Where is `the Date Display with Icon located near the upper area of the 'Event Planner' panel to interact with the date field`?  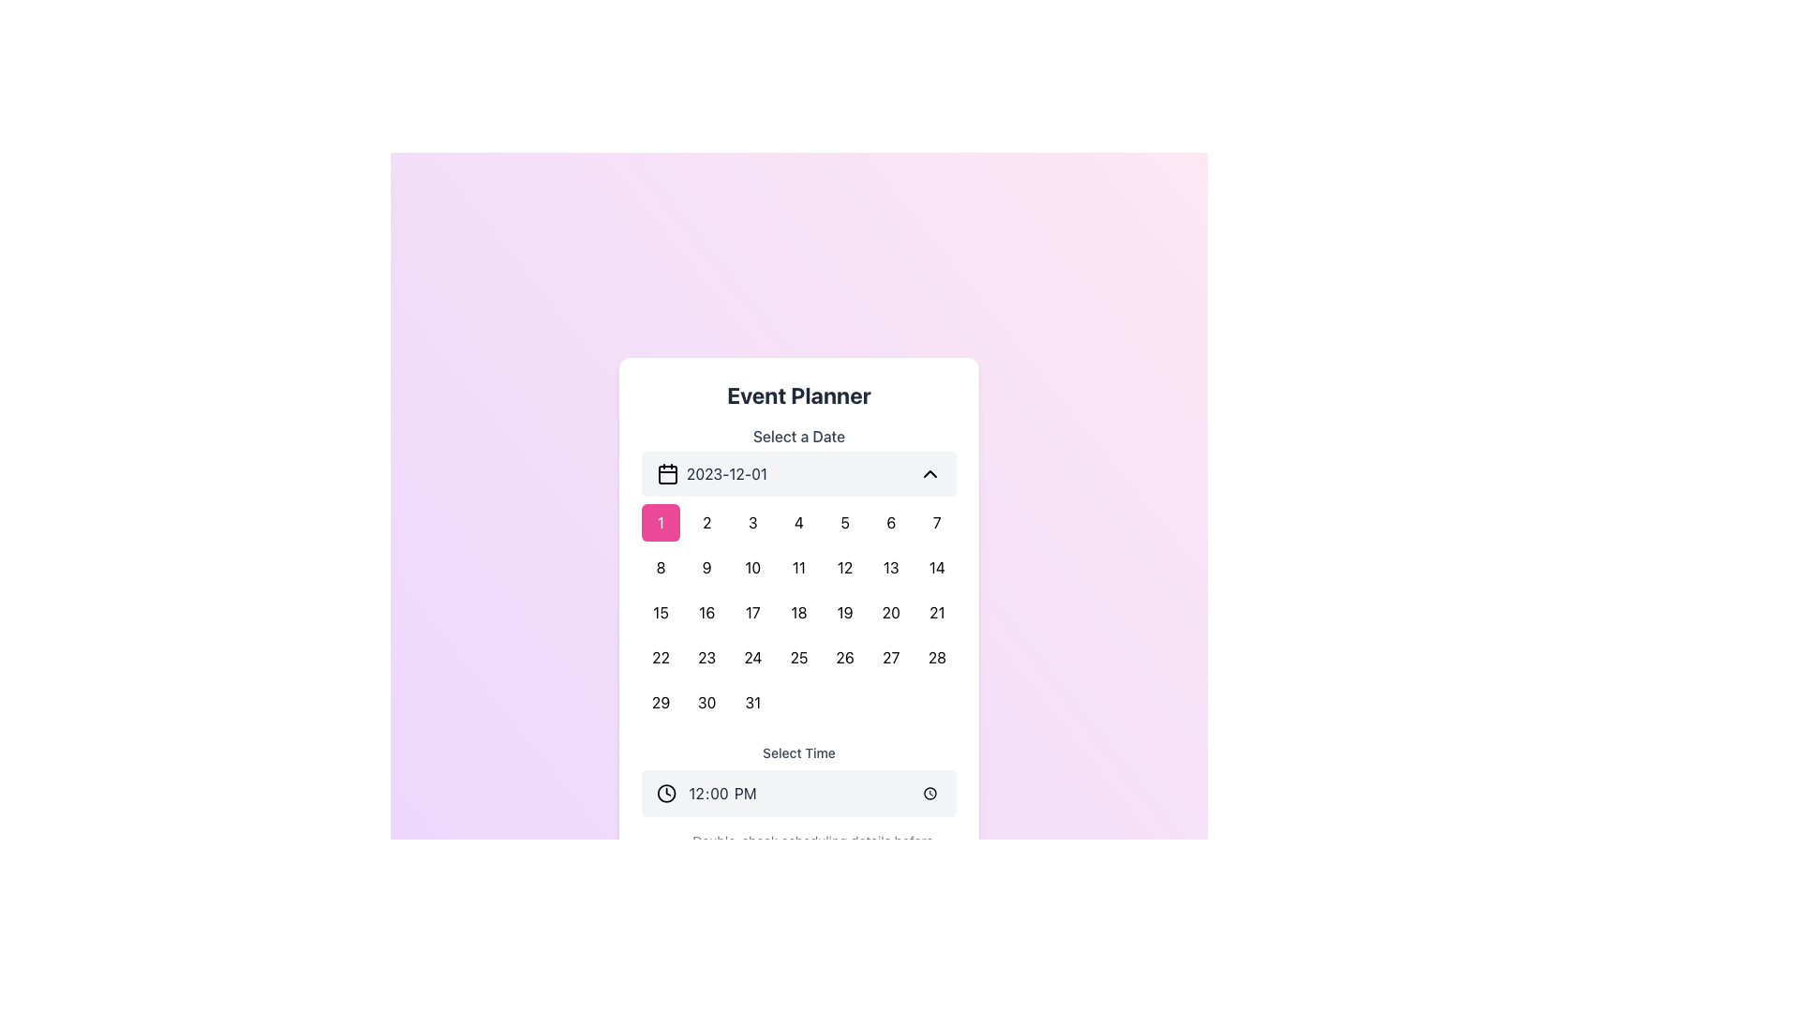 the Date Display with Icon located near the upper area of the 'Event Planner' panel to interact with the date field is located at coordinates (710, 472).